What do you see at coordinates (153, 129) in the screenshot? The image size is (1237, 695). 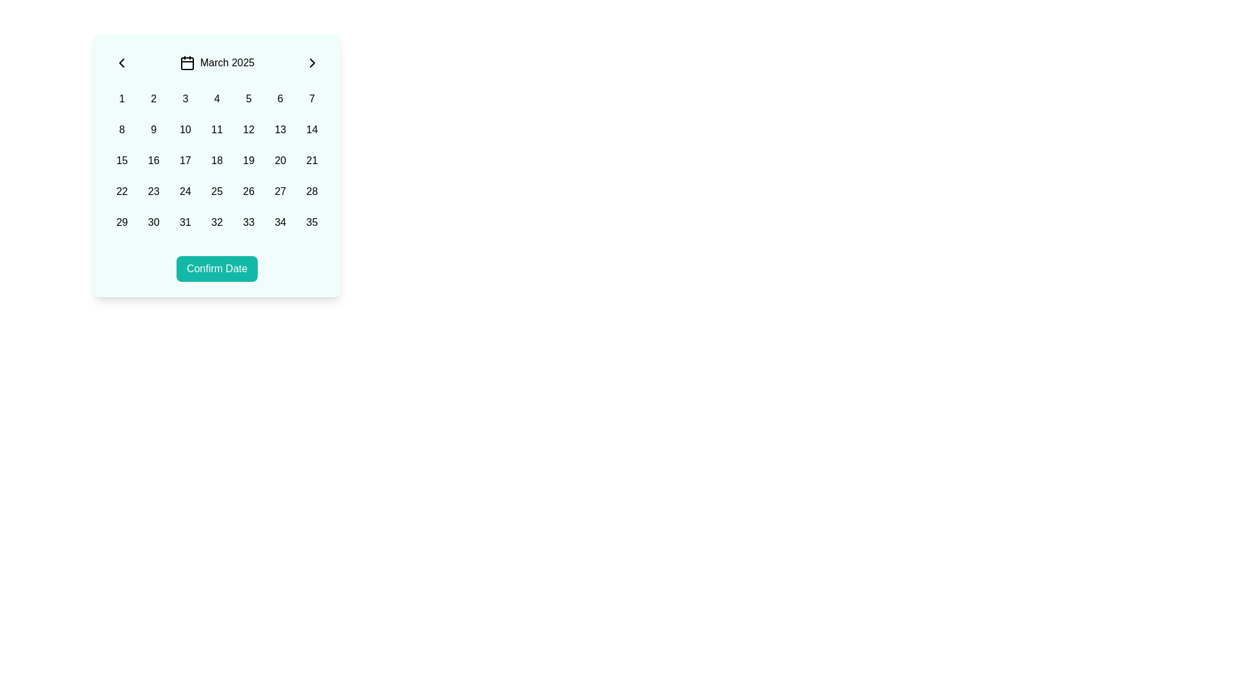 I see `the rounded clickable box containing the text '9', located in the second row and second column of the grid layout for accessibility actions` at bounding box center [153, 129].